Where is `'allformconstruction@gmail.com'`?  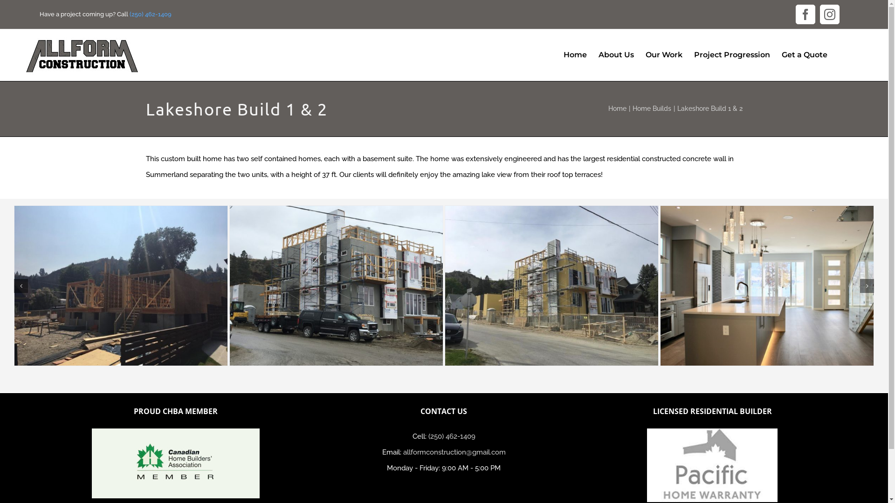 'allformconstruction@gmail.com' is located at coordinates (454, 452).